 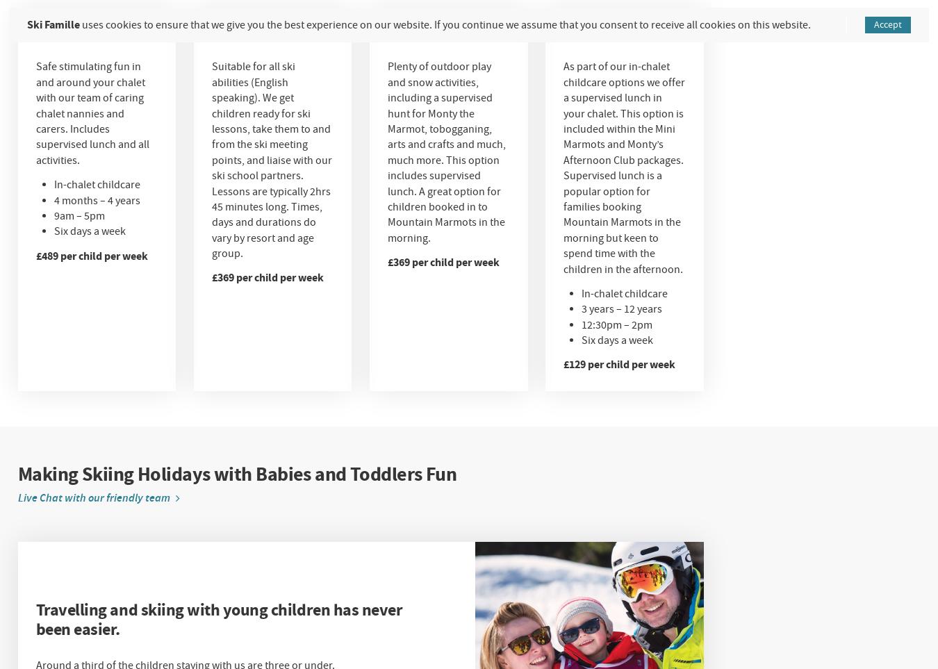 What do you see at coordinates (64, 24) in the screenshot?
I see `'Mini Marmots'` at bounding box center [64, 24].